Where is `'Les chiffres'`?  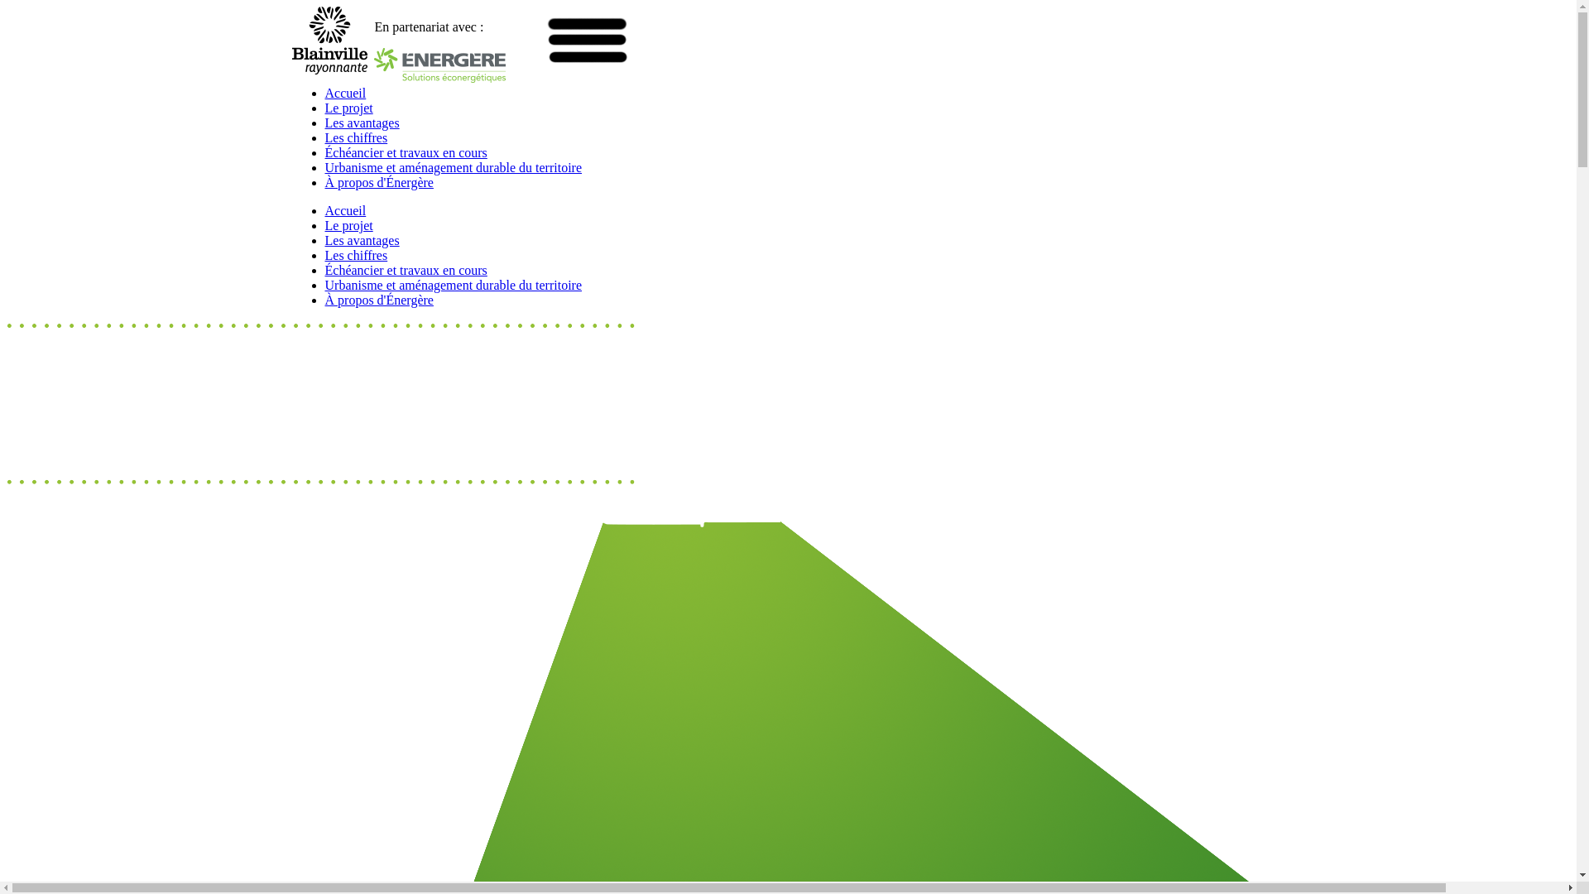
'Les chiffres' is located at coordinates (355, 255).